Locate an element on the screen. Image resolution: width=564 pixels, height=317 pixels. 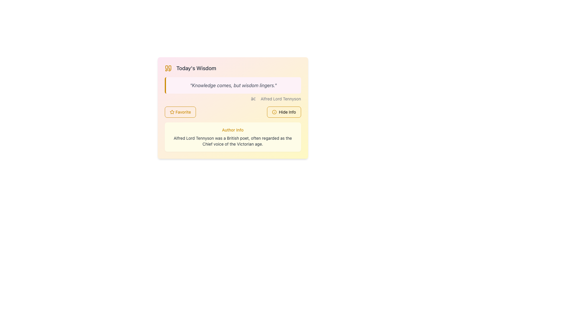
the Decorative Icon element, which is the left quotation mark of a pair, positioned at the upper left corner of the 'Today's Wisdom' card is located at coordinates (166, 68).